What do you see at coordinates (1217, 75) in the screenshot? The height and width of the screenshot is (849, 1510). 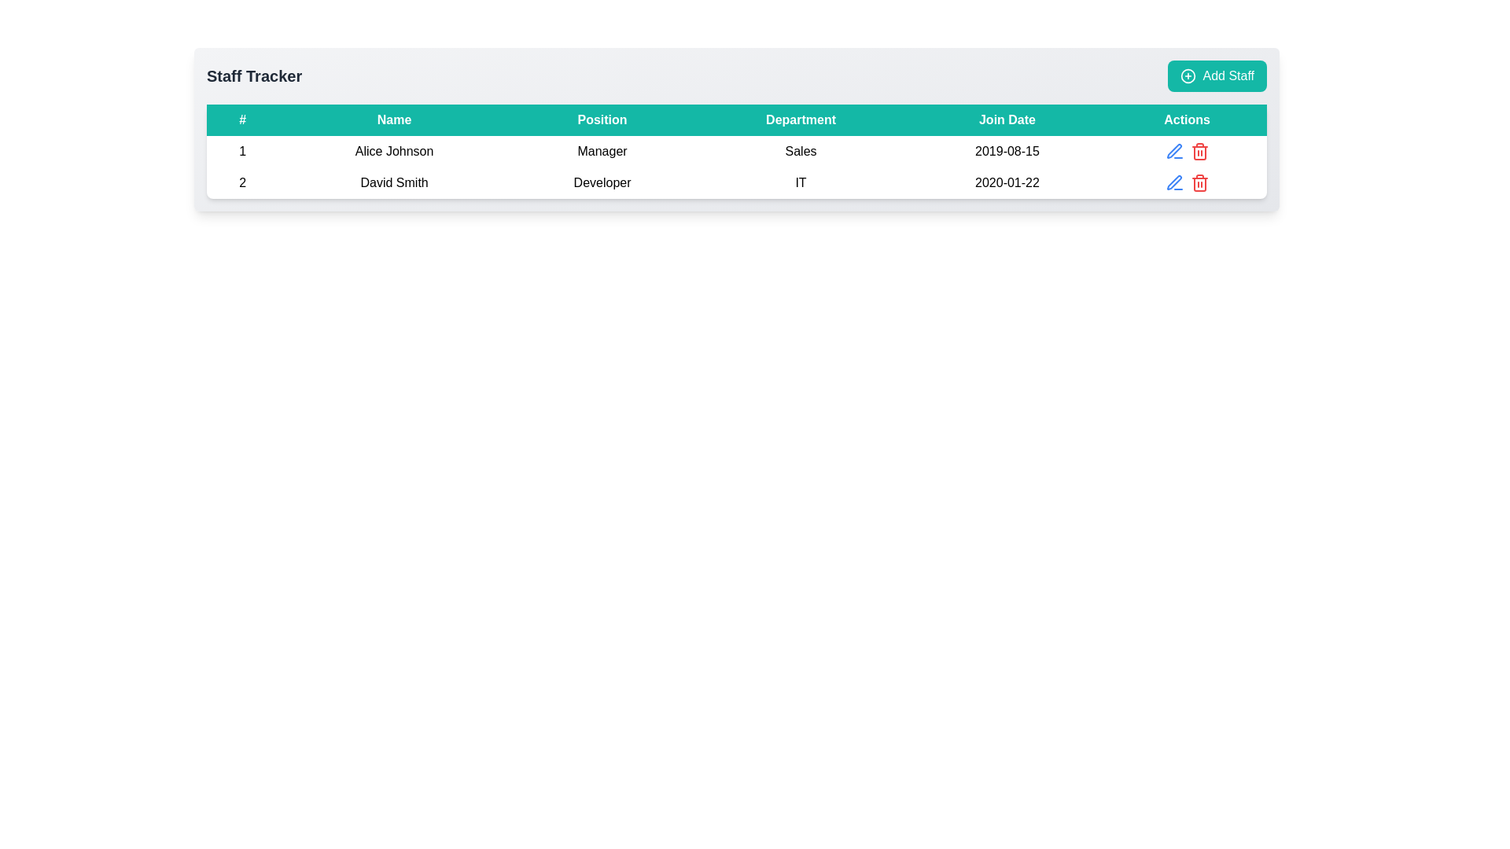 I see `the 'Add Staff' button with a teal background and a circular plus symbol` at bounding box center [1217, 75].